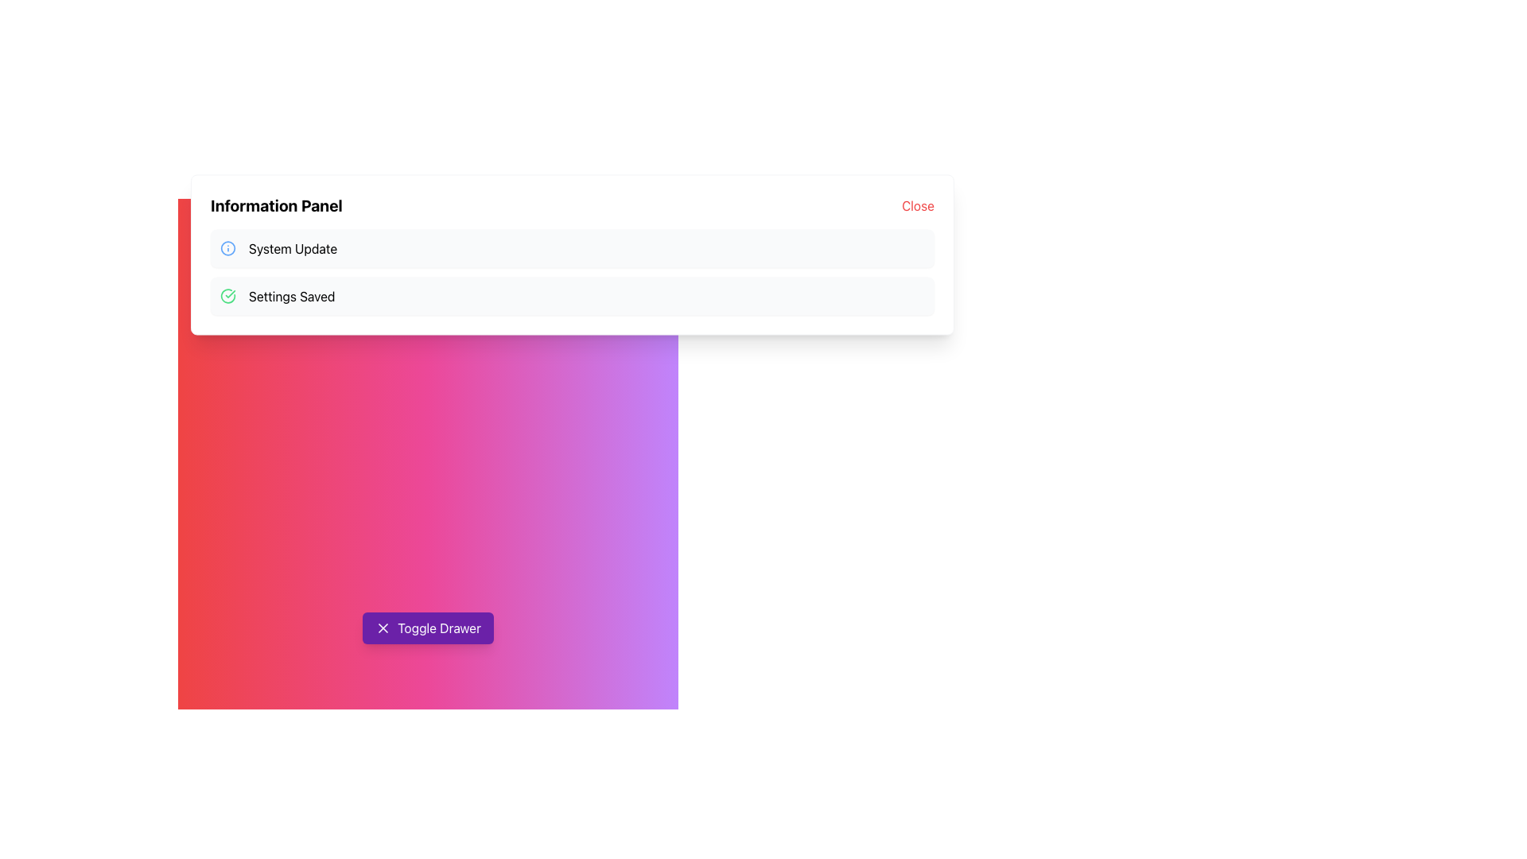 The image size is (1527, 859). I want to click on the green circular icon with a checkmark, which is located to the left of the text 'Settings Saved', so click(227, 296).